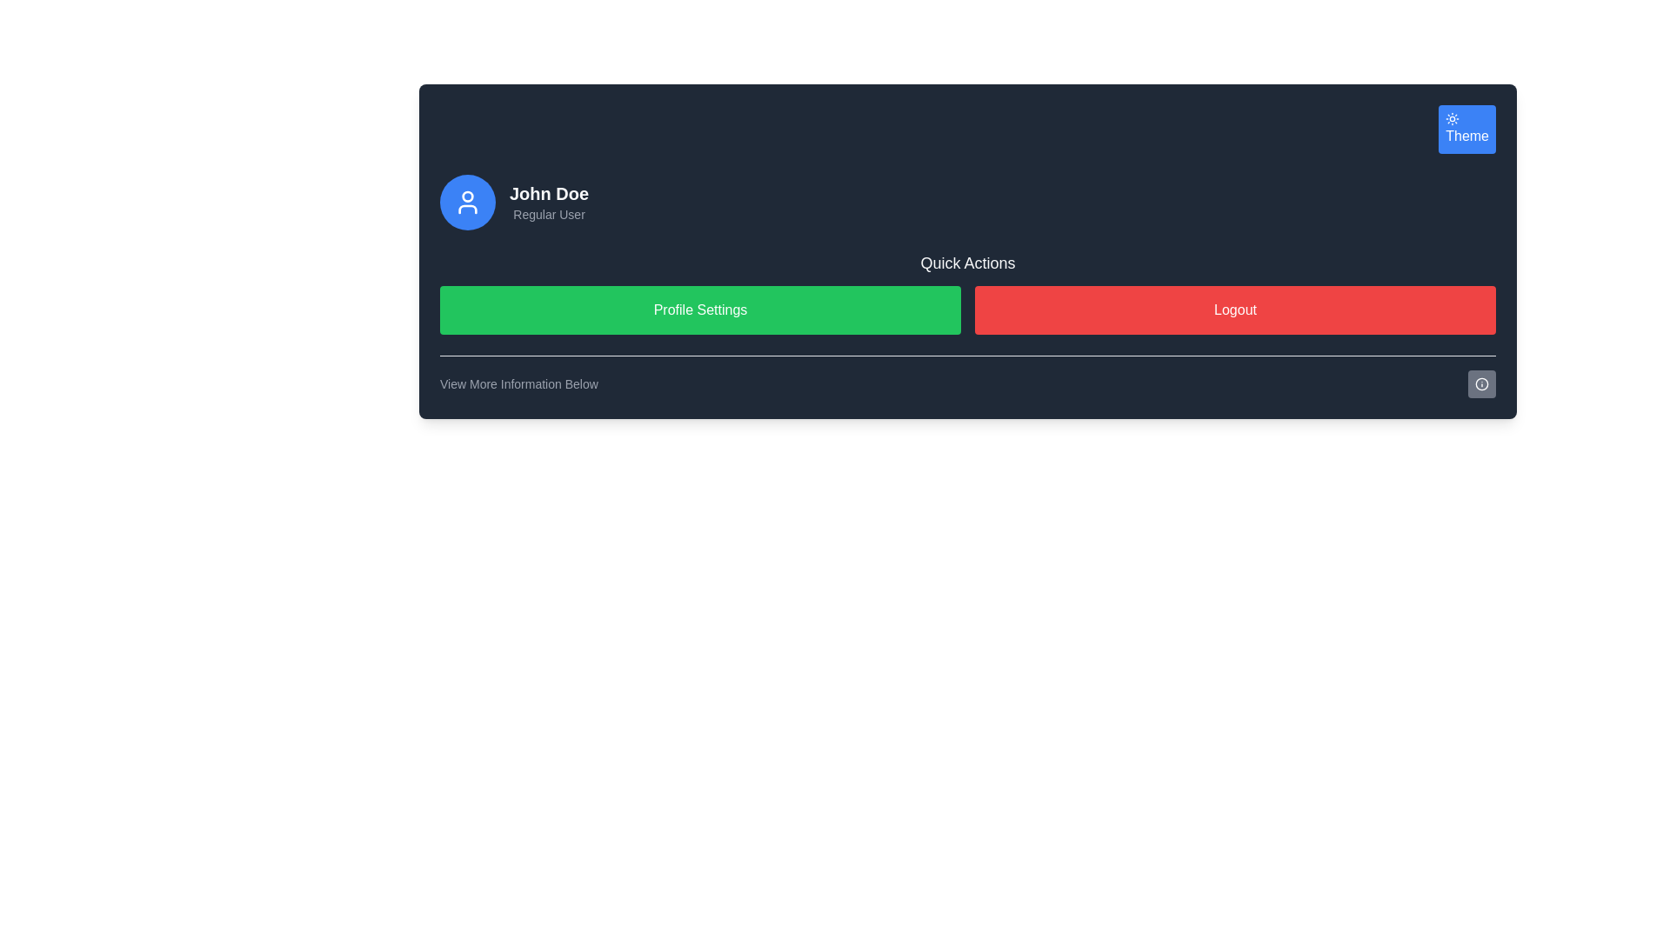  What do you see at coordinates (967, 263) in the screenshot?
I see `text from the 'Quick Actions' label, which is displayed in bold font against a dark background, positioned above the 'Profile Settings' and 'Logout' buttons` at bounding box center [967, 263].